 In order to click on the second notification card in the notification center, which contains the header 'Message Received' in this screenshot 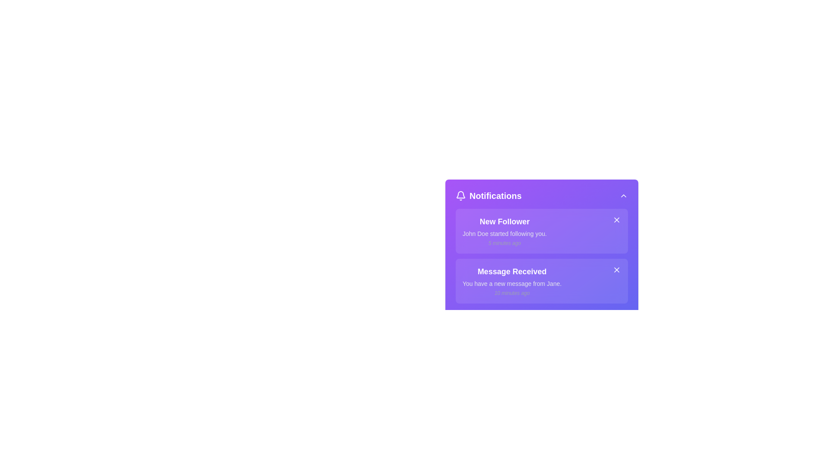, I will do `click(512, 281)`.